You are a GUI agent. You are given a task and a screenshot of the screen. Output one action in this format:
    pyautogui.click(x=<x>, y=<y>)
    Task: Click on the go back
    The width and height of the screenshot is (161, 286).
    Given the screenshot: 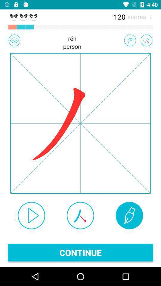 What is the action you would take?
    pyautogui.click(x=146, y=40)
    